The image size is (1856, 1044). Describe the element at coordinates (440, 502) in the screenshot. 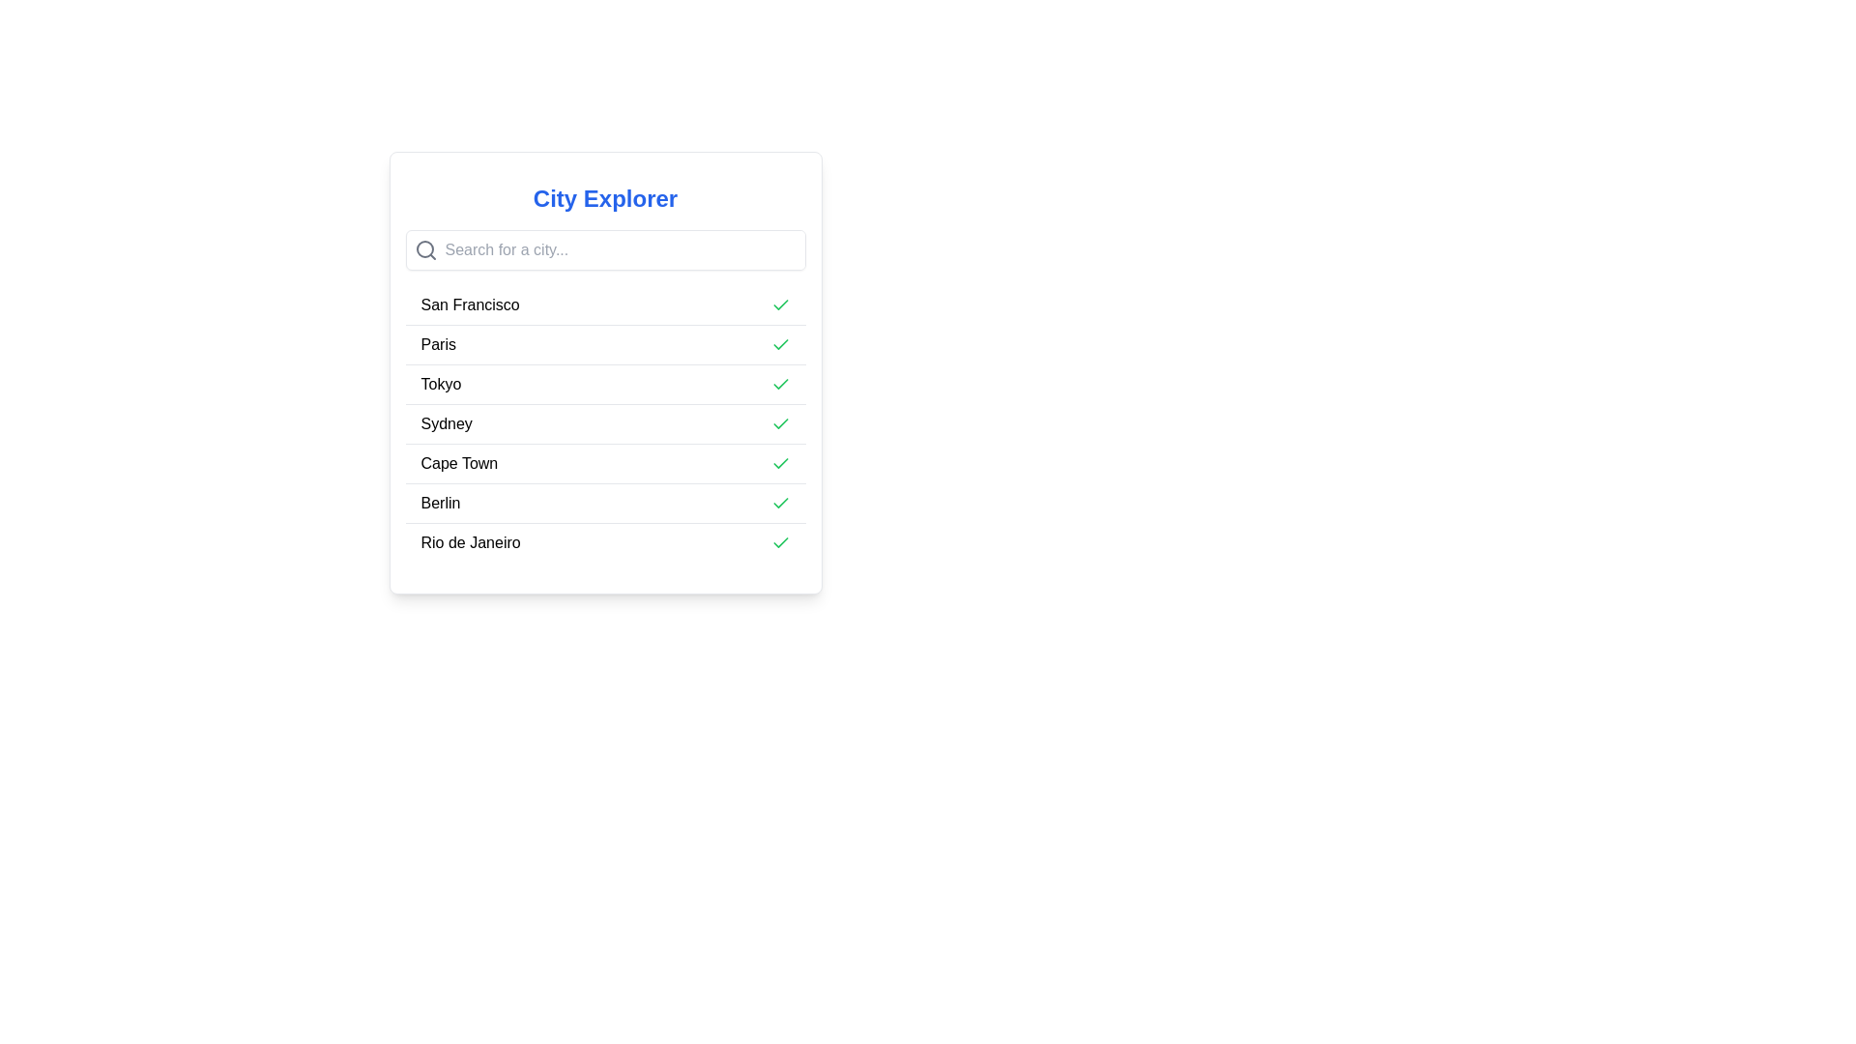

I see `the static text label displaying 'Berlin', which is part of the selectable list of cities under the 'City Explorer' header` at that location.